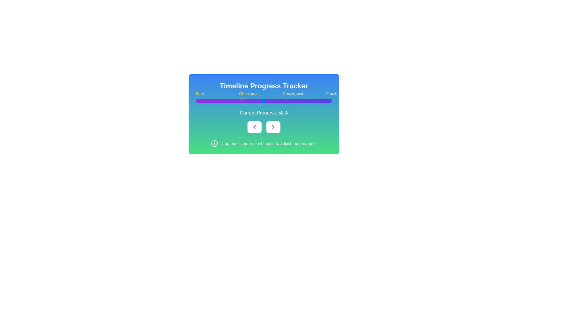 The width and height of the screenshot is (565, 317). Describe the element at coordinates (198, 96) in the screenshot. I see `the static Text label indicating the starting point of the progress tracker, located at the leftmost position of the sequence` at that location.